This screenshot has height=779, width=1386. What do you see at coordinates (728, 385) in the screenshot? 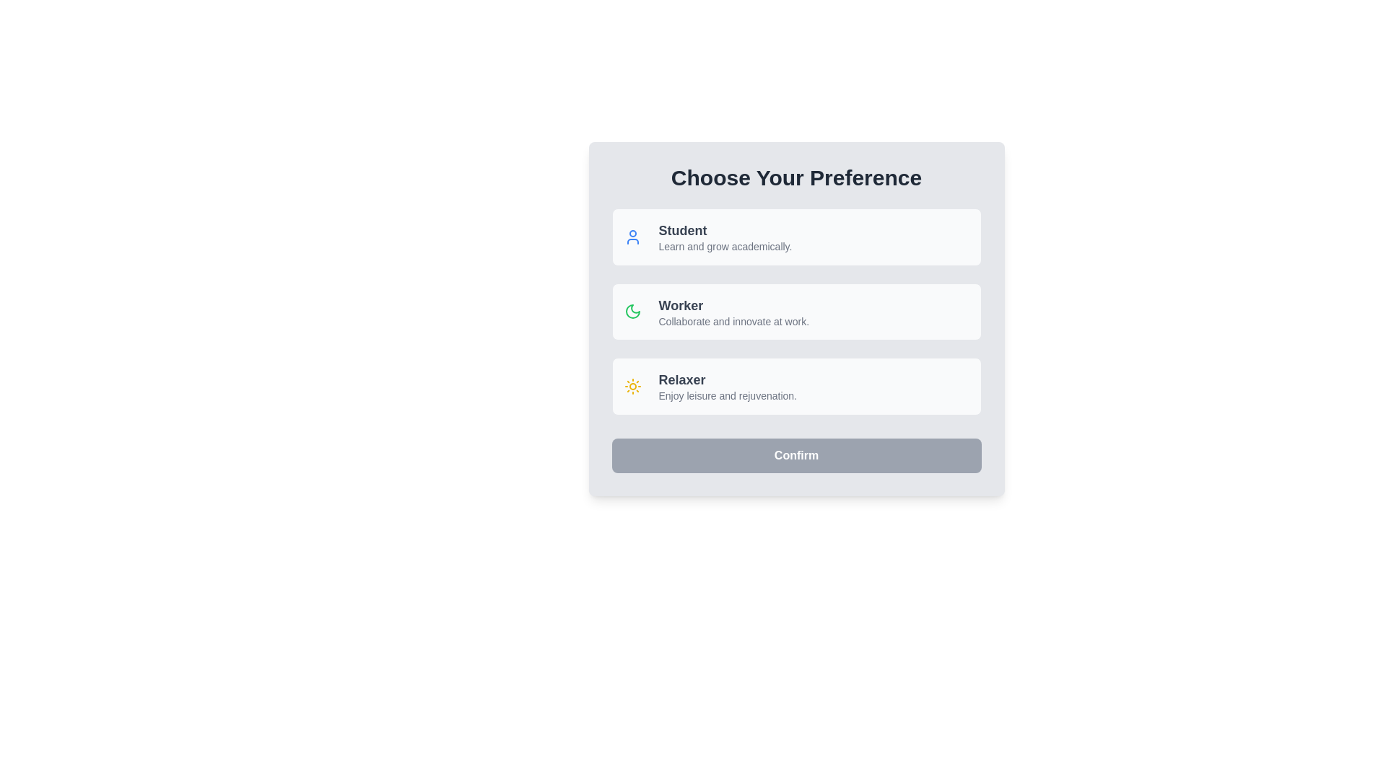
I see `the selectable option for a relaxing lifestyle choice, positioned as the third option in the vertical list, for accessibility navigation` at bounding box center [728, 385].